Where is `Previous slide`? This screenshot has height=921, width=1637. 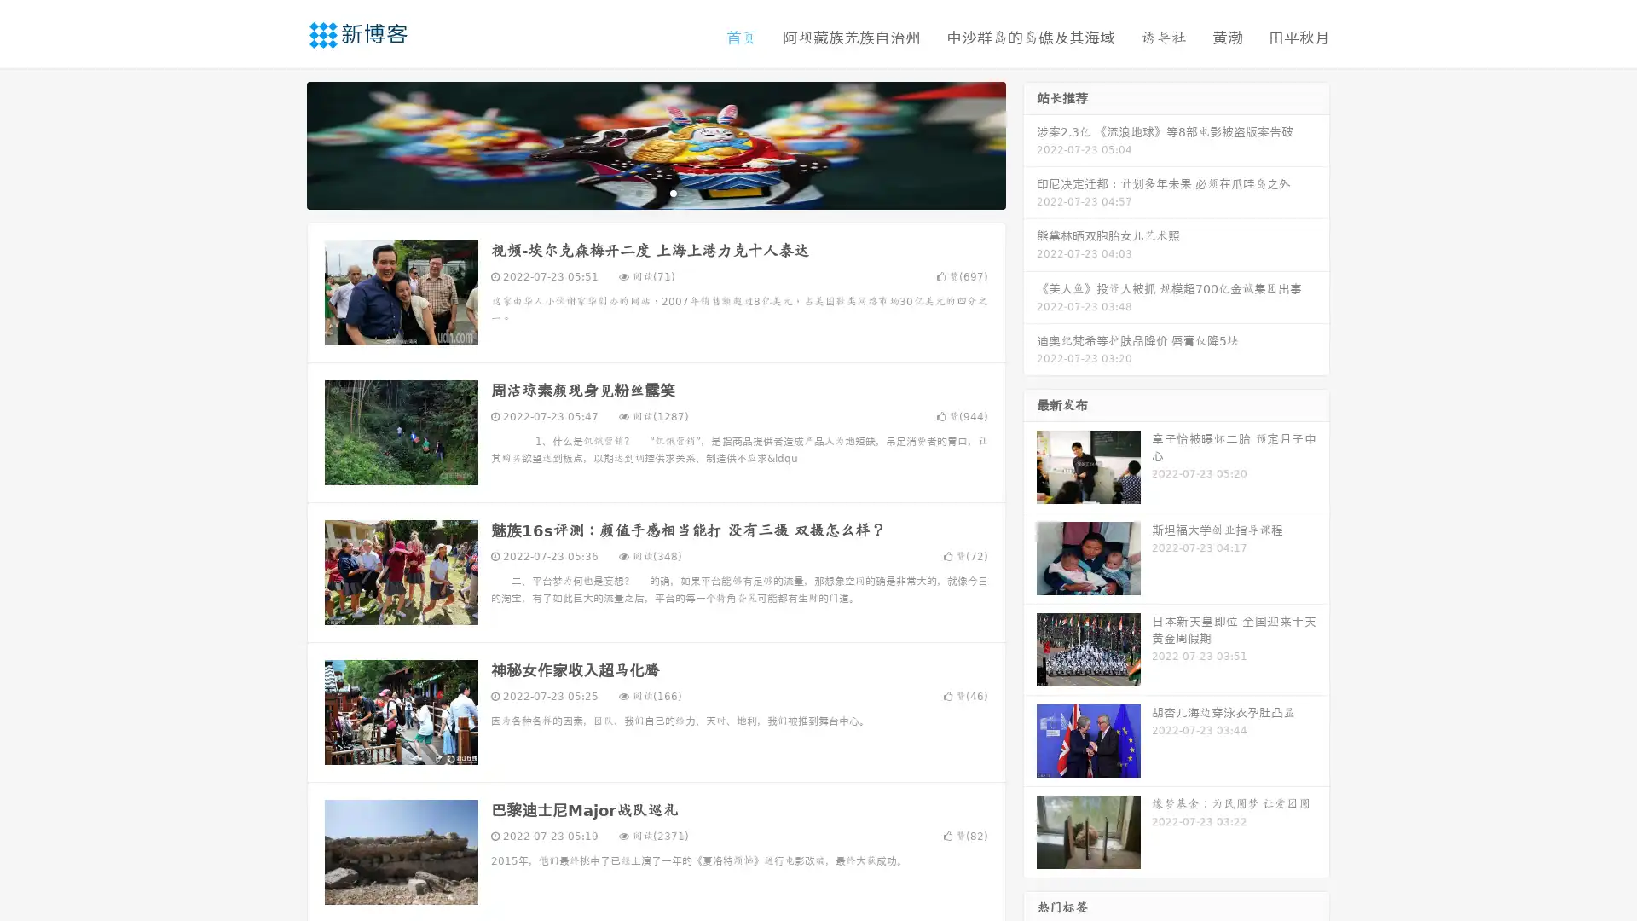
Previous slide is located at coordinates (281, 143).